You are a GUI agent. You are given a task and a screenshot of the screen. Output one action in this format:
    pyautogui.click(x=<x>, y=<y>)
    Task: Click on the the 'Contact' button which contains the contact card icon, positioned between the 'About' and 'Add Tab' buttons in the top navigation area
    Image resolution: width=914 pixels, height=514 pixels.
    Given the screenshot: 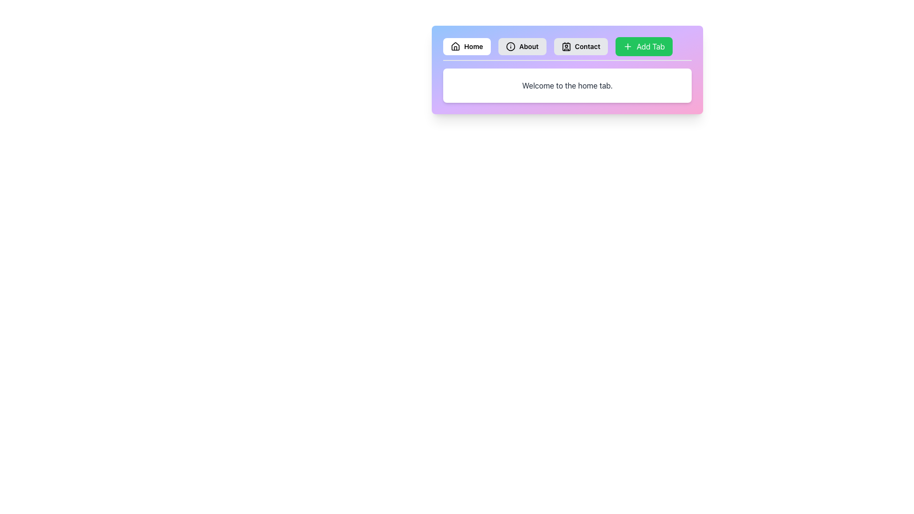 What is the action you would take?
    pyautogui.click(x=566, y=46)
    